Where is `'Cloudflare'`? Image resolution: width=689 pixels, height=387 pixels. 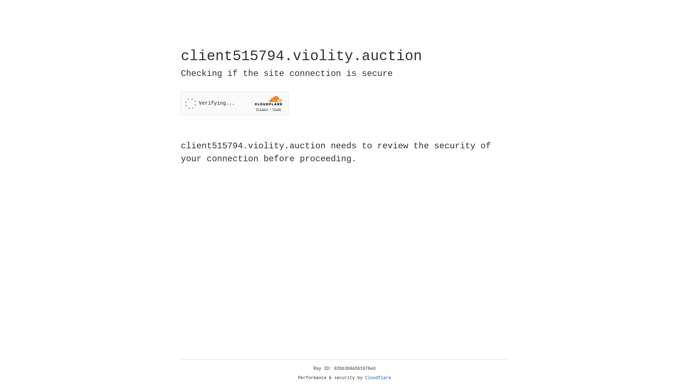 'Cloudflare' is located at coordinates (378, 378).